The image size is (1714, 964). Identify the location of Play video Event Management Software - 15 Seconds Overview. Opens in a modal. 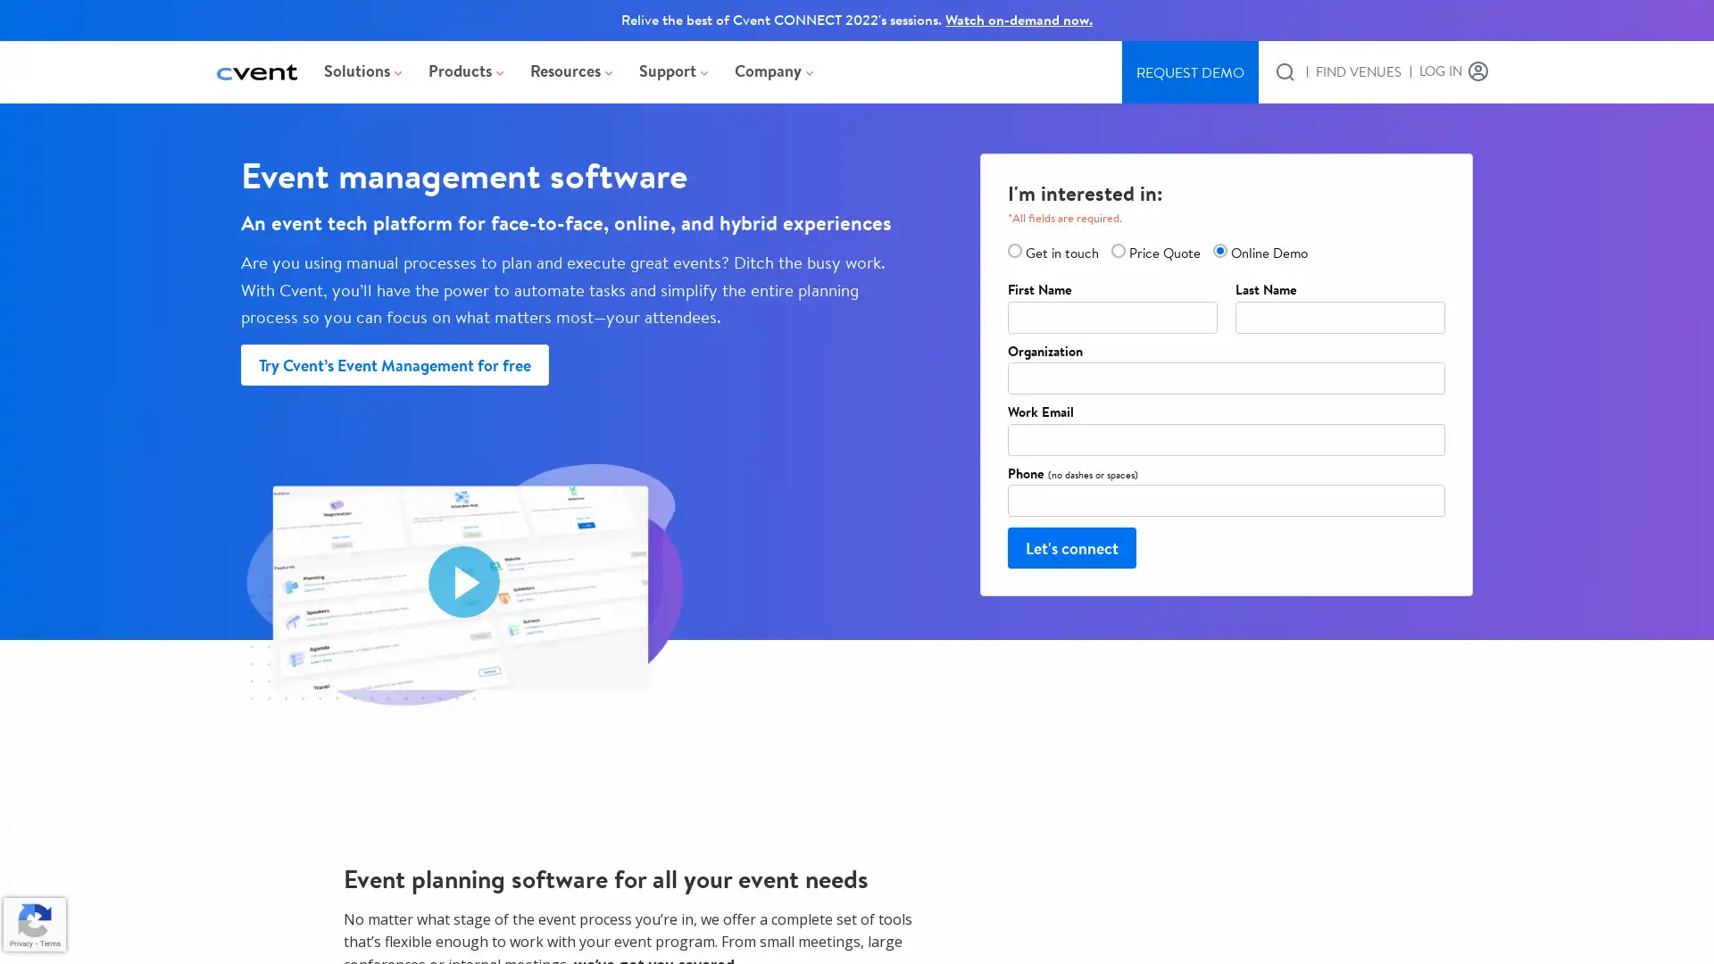
(463, 581).